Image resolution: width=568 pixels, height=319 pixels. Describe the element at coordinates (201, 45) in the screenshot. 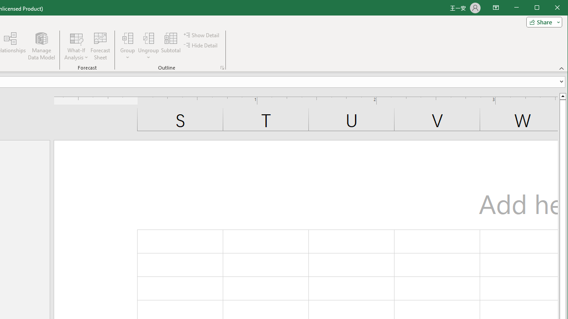

I see `'Hide Detail'` at that location.